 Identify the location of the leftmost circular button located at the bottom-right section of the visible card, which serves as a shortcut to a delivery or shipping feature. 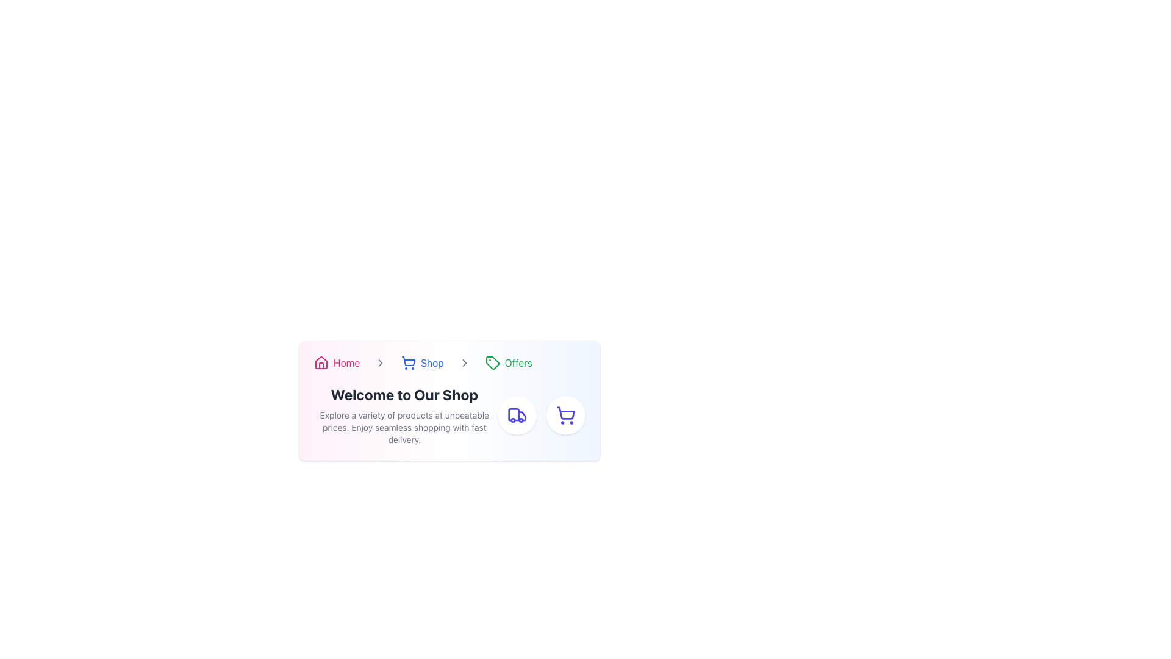
(517, 415).